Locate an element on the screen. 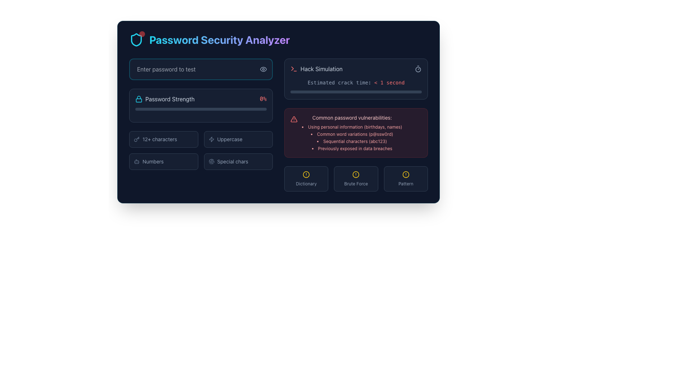 The width and height of the screenshot is (691, 388). the minimalist terminal icon with a thin red stroke, located to the left of the 'Hack Simulation' text is located at coordinates (294, 69).